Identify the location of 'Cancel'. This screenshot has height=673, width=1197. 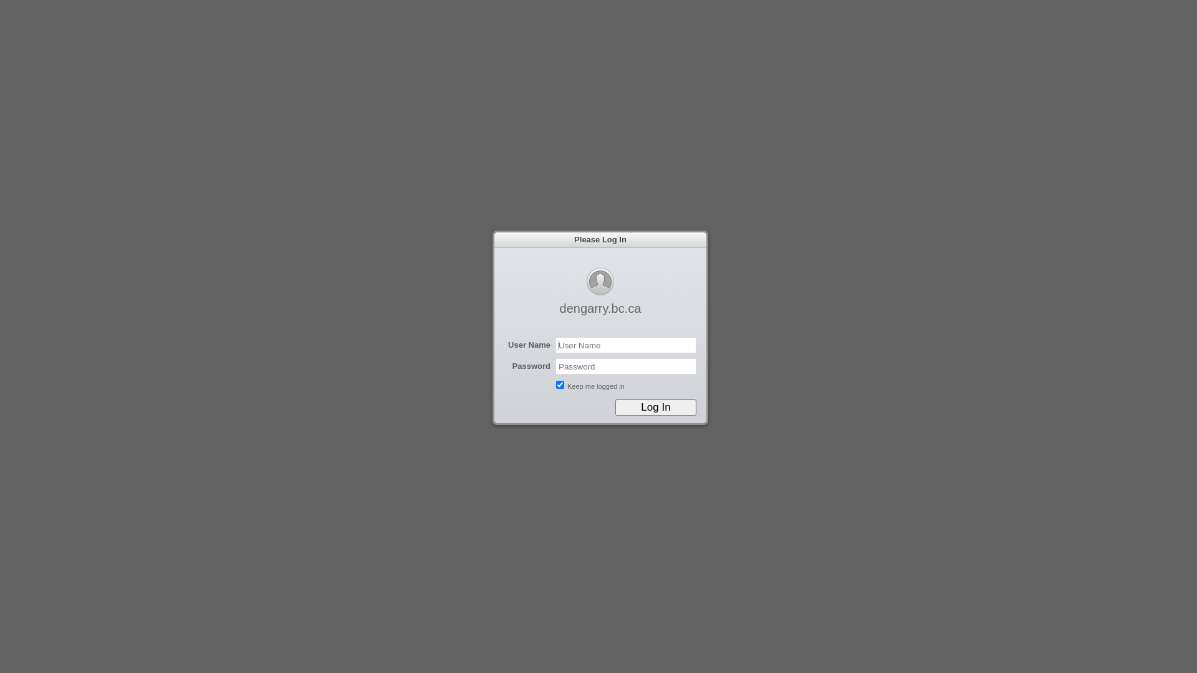
(41, 7).